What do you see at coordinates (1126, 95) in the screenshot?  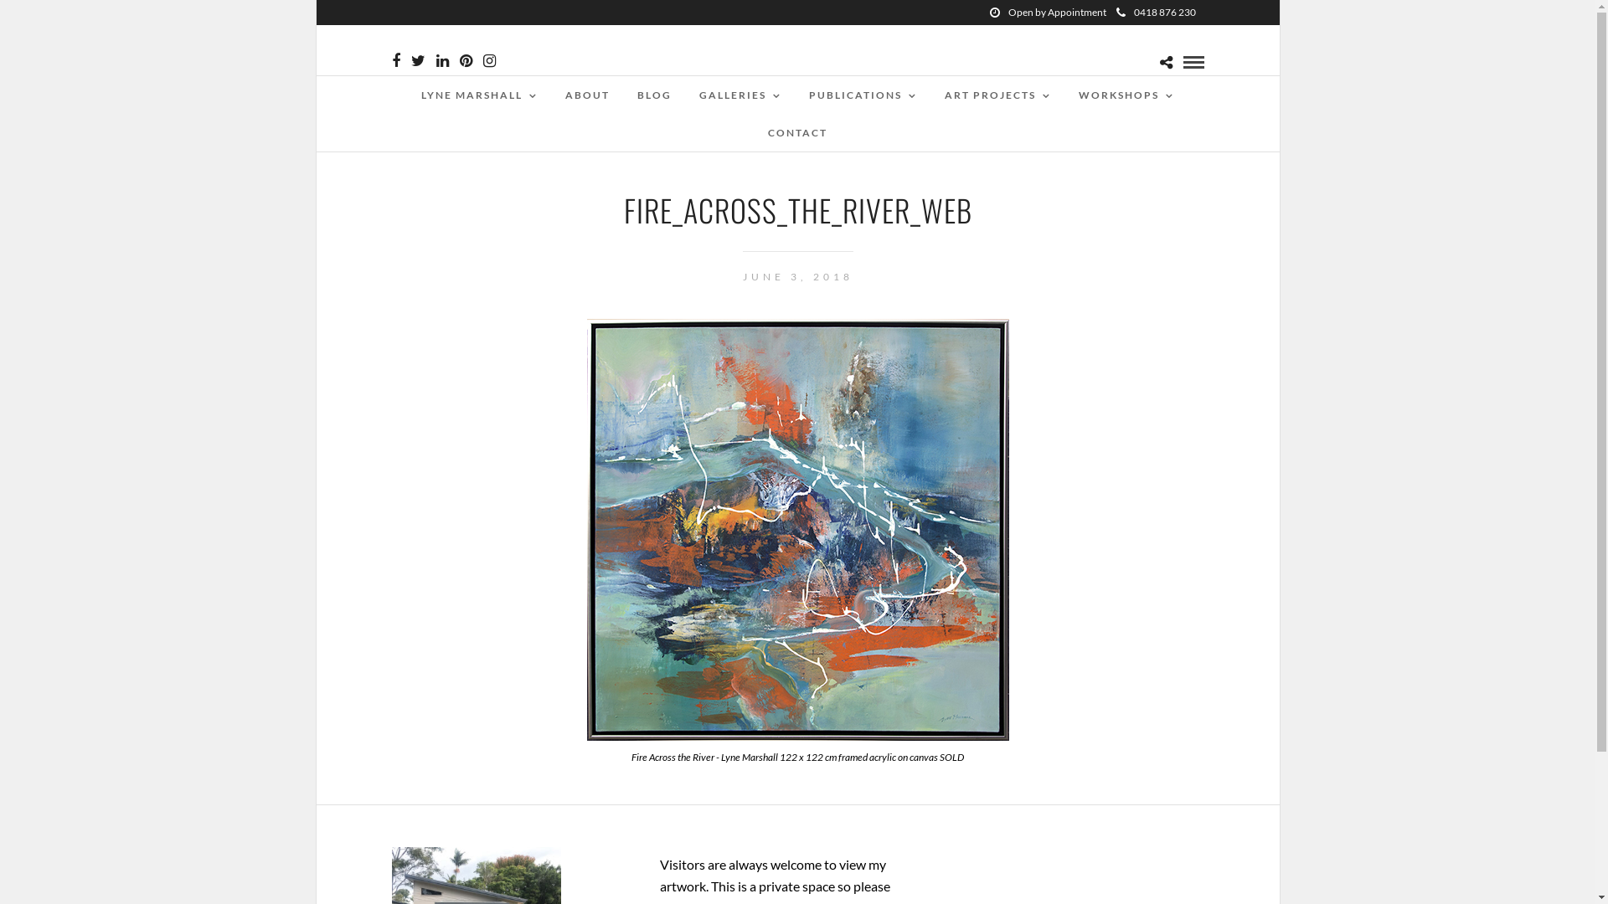 I see `'WORKSHOPS'` at bounding box center [1126, 95].